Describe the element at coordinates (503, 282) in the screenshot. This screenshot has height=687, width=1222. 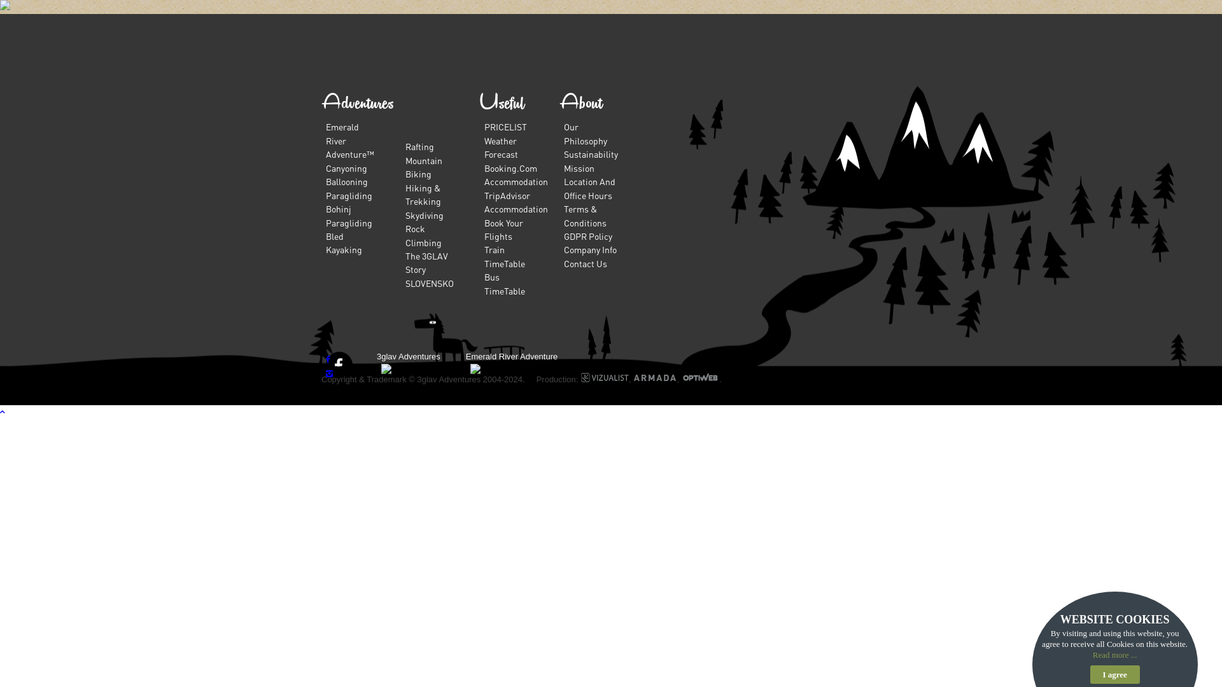
I see `'Bus TimeTable'` at that location.